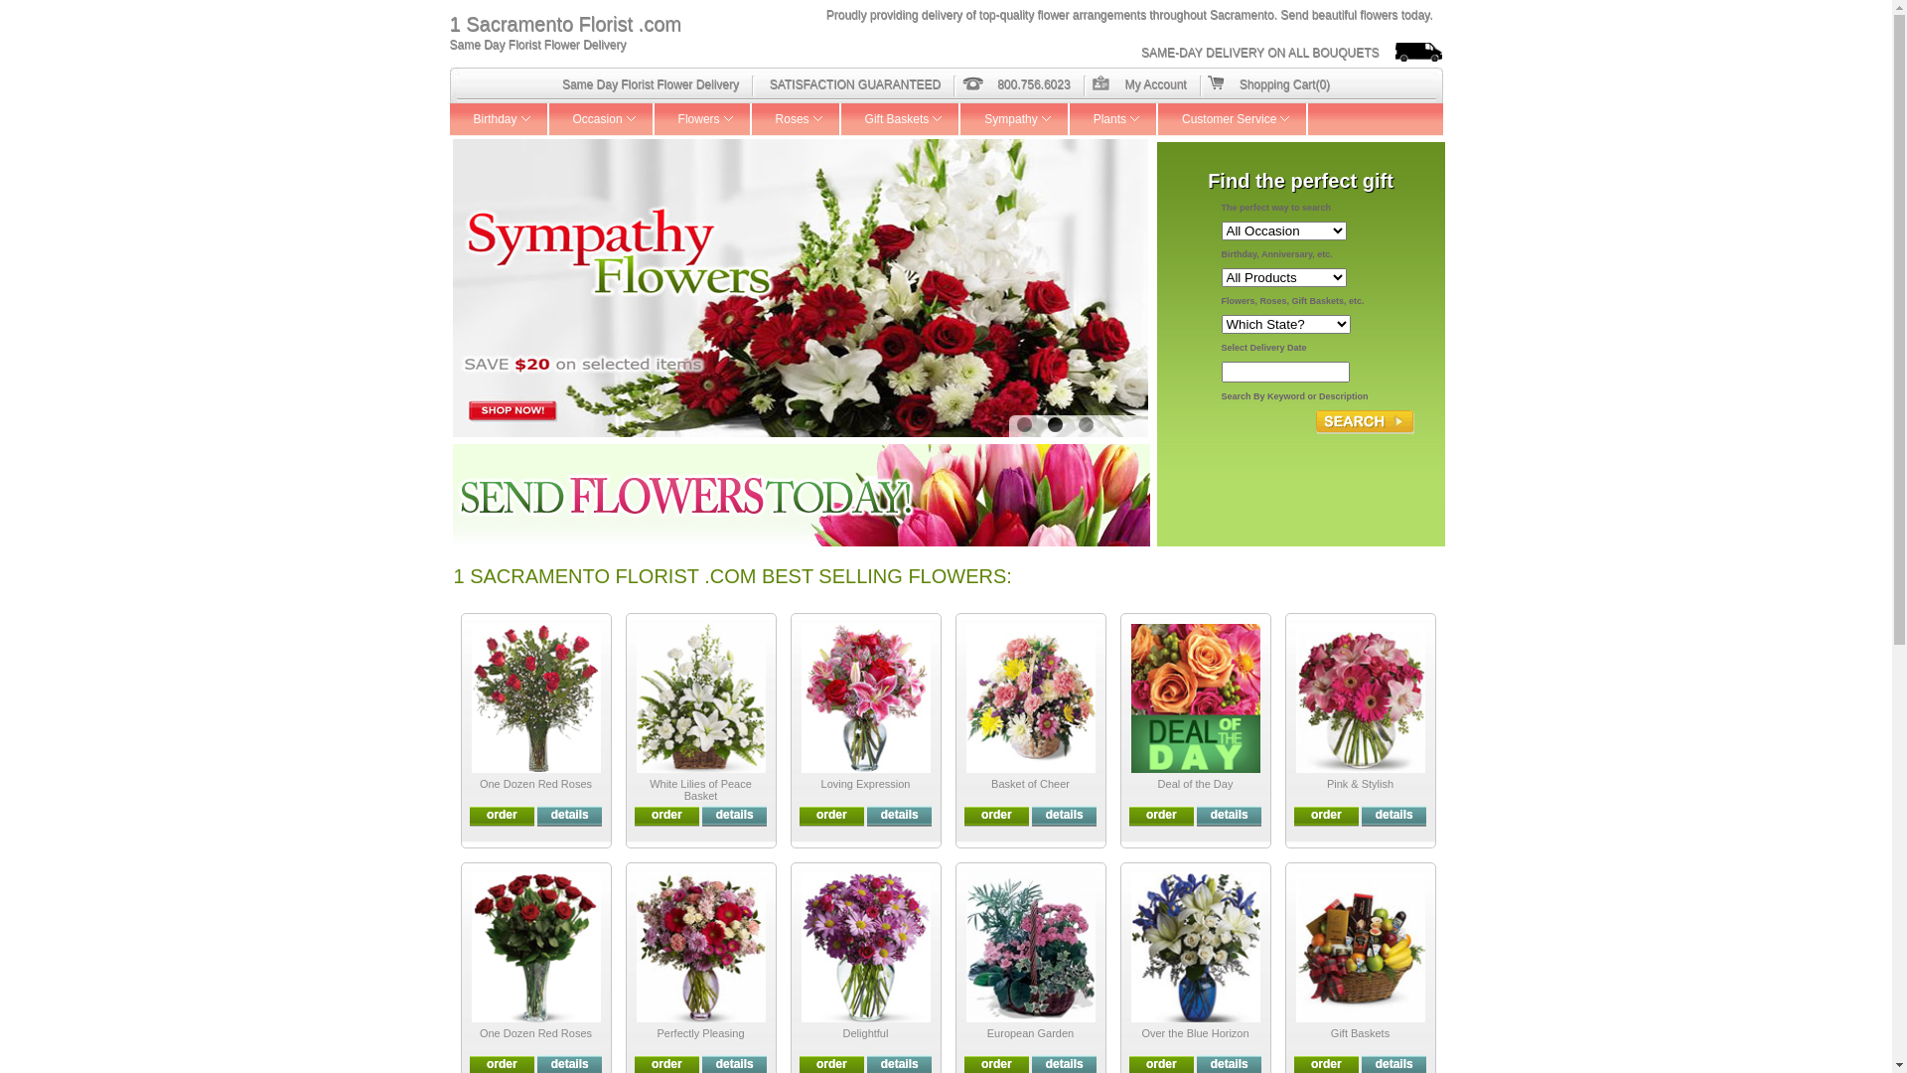 This screenshot has width=1907, height=1073. What do you see at coordinates (796, 118) in the screenshot?
I see `'Roses'` at bounding box center [796, 118].